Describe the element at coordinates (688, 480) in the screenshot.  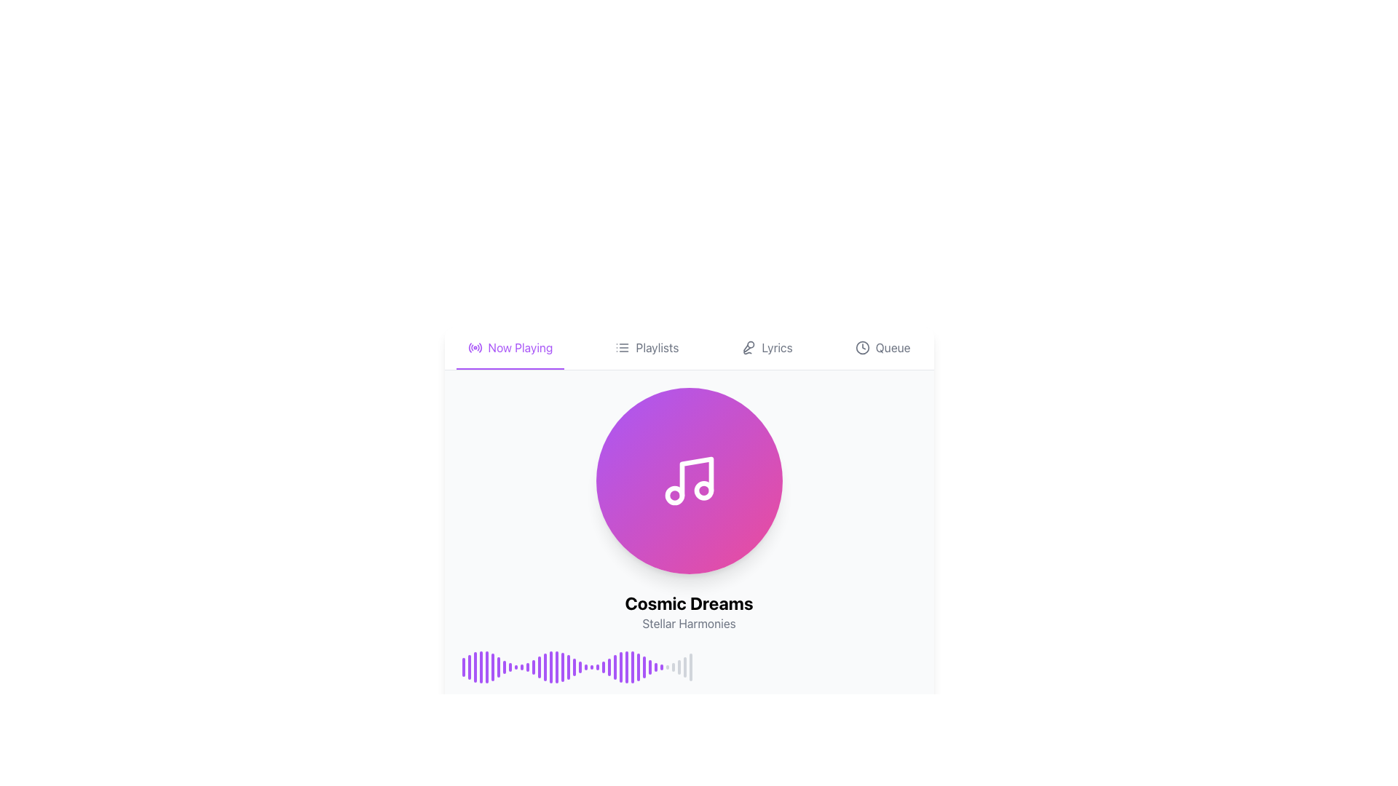
I see `the musical note icon, which is rendered in white on a purple-to-pink gradient circular background, located in the center of the 'Now Playing' music player interface` at that location.